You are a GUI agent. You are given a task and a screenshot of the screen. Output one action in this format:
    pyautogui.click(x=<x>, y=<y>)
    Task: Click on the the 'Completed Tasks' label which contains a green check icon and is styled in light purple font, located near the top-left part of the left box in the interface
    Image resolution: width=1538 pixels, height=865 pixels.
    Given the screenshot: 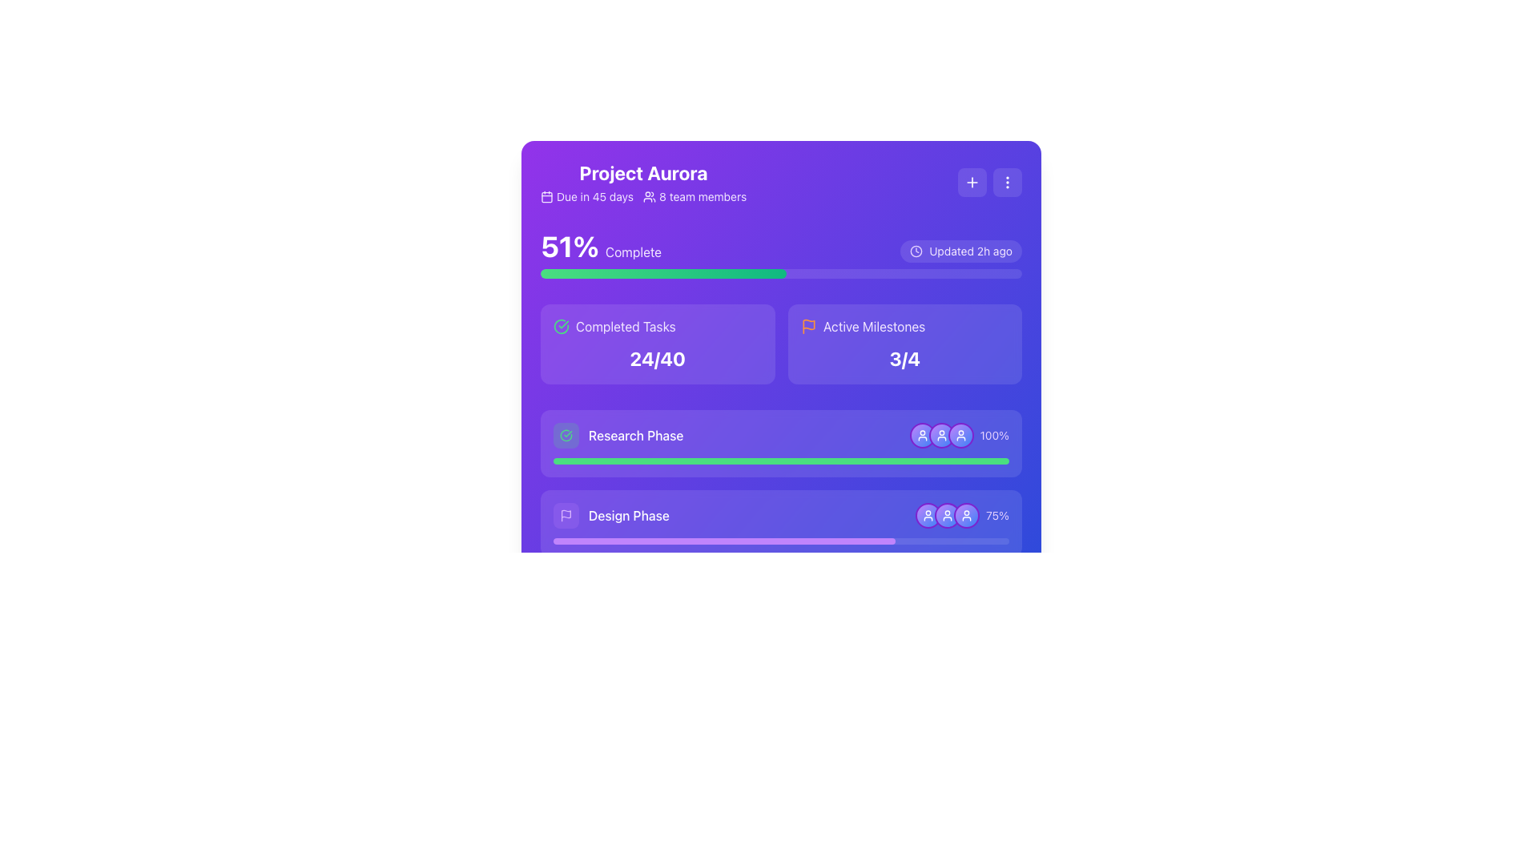 What is the action you would take?
    pyautogui.click(x=658, y=326)
    